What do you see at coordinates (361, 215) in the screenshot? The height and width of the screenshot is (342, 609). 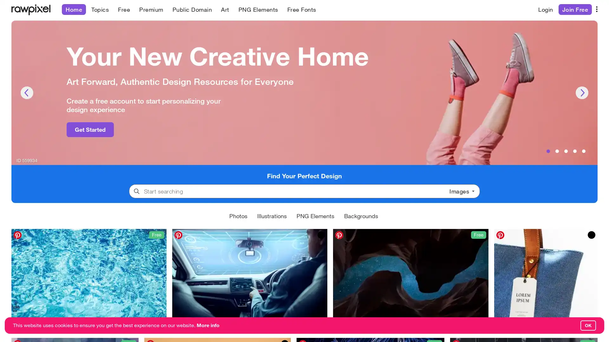 I see `Backgrounds` at bounding box center [361, 215].